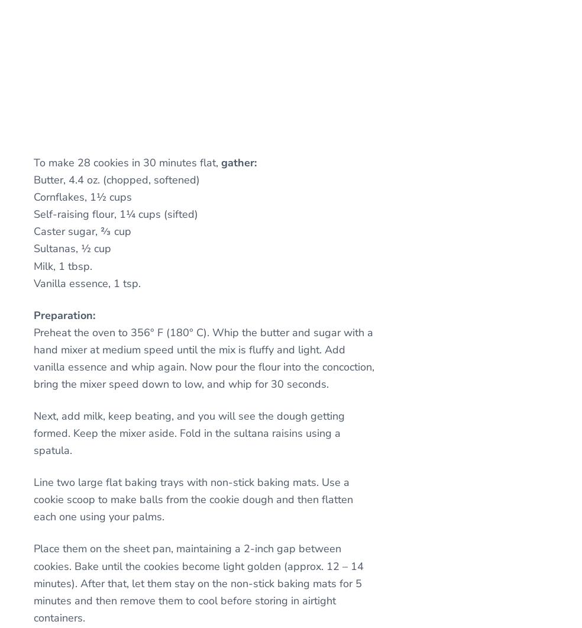 Image resolution: width=582 pixels, height=628 pixels. What do you see at coordinates (87, 282) in the screenshot?
I see `'Vanilla essence, 1 tsp.'` at bounding box center [87, 282].